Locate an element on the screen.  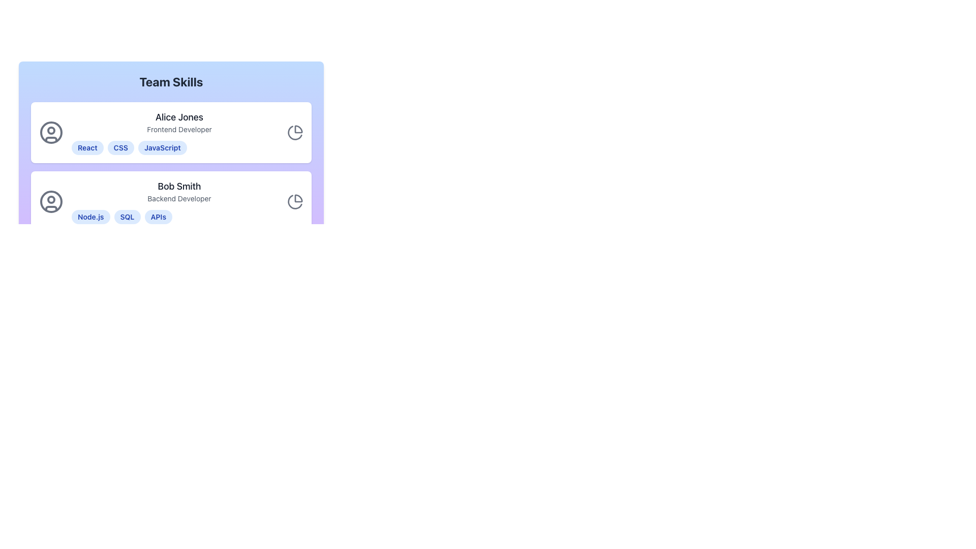
the Avatar Icon representing the user, which is positioned to the left of the name and role description for 'Alice Jones' in the team member's details panel under 'Team Skills' is located at coordinates (50, 132).